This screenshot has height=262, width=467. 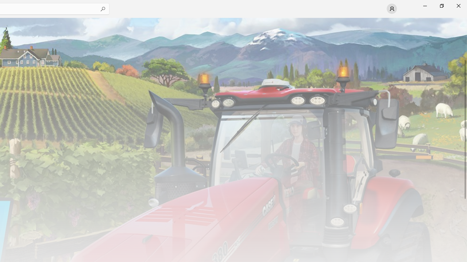 What do you see at coordinates (464, 20) in the screenshot?
I see `'Vertical Small Decrease'` at bounding box center [464, 20].